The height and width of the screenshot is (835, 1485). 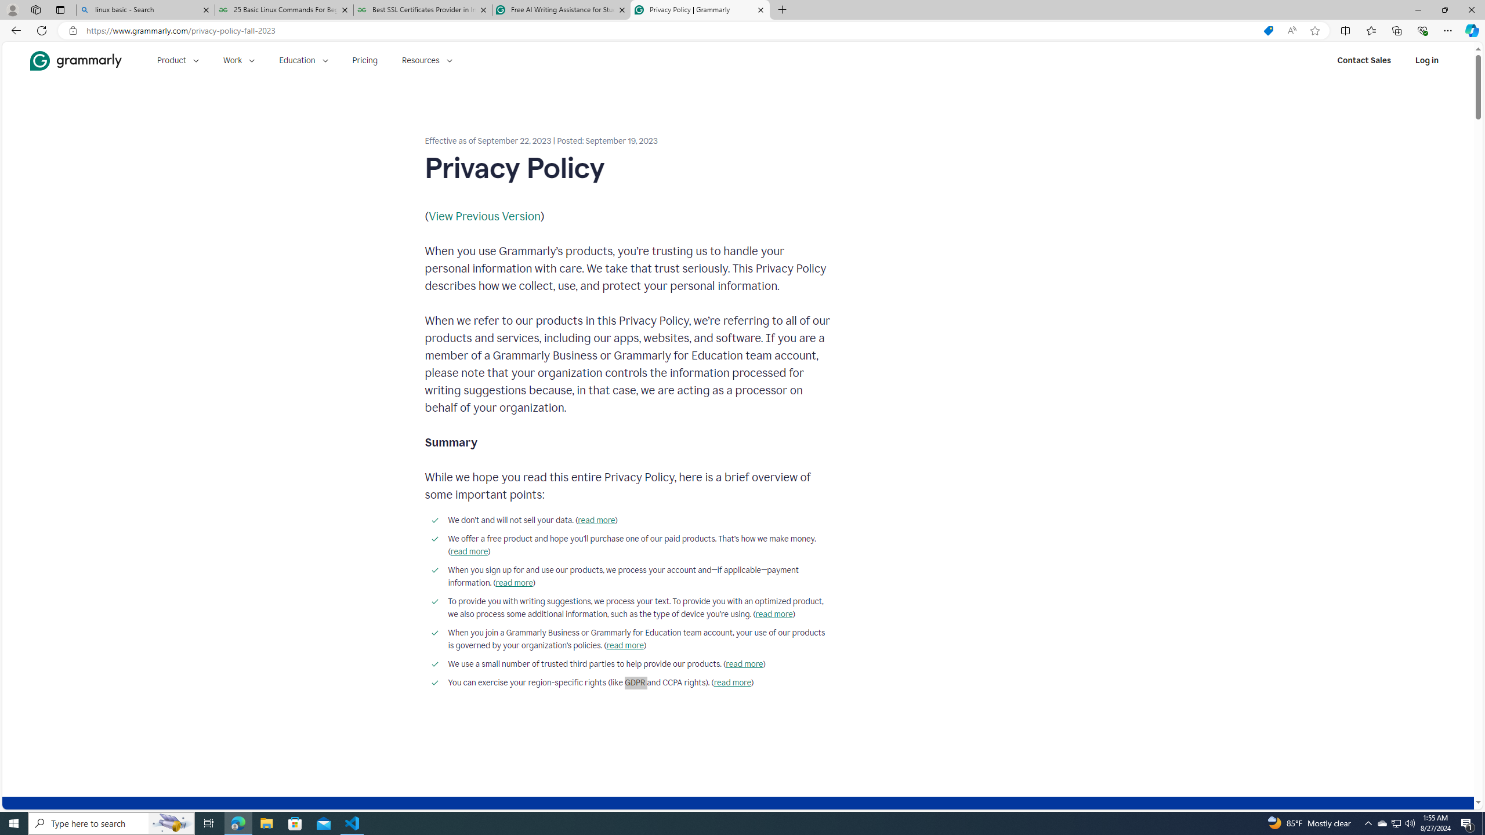 I want to click on 'Education', so click(x=303, y=60).